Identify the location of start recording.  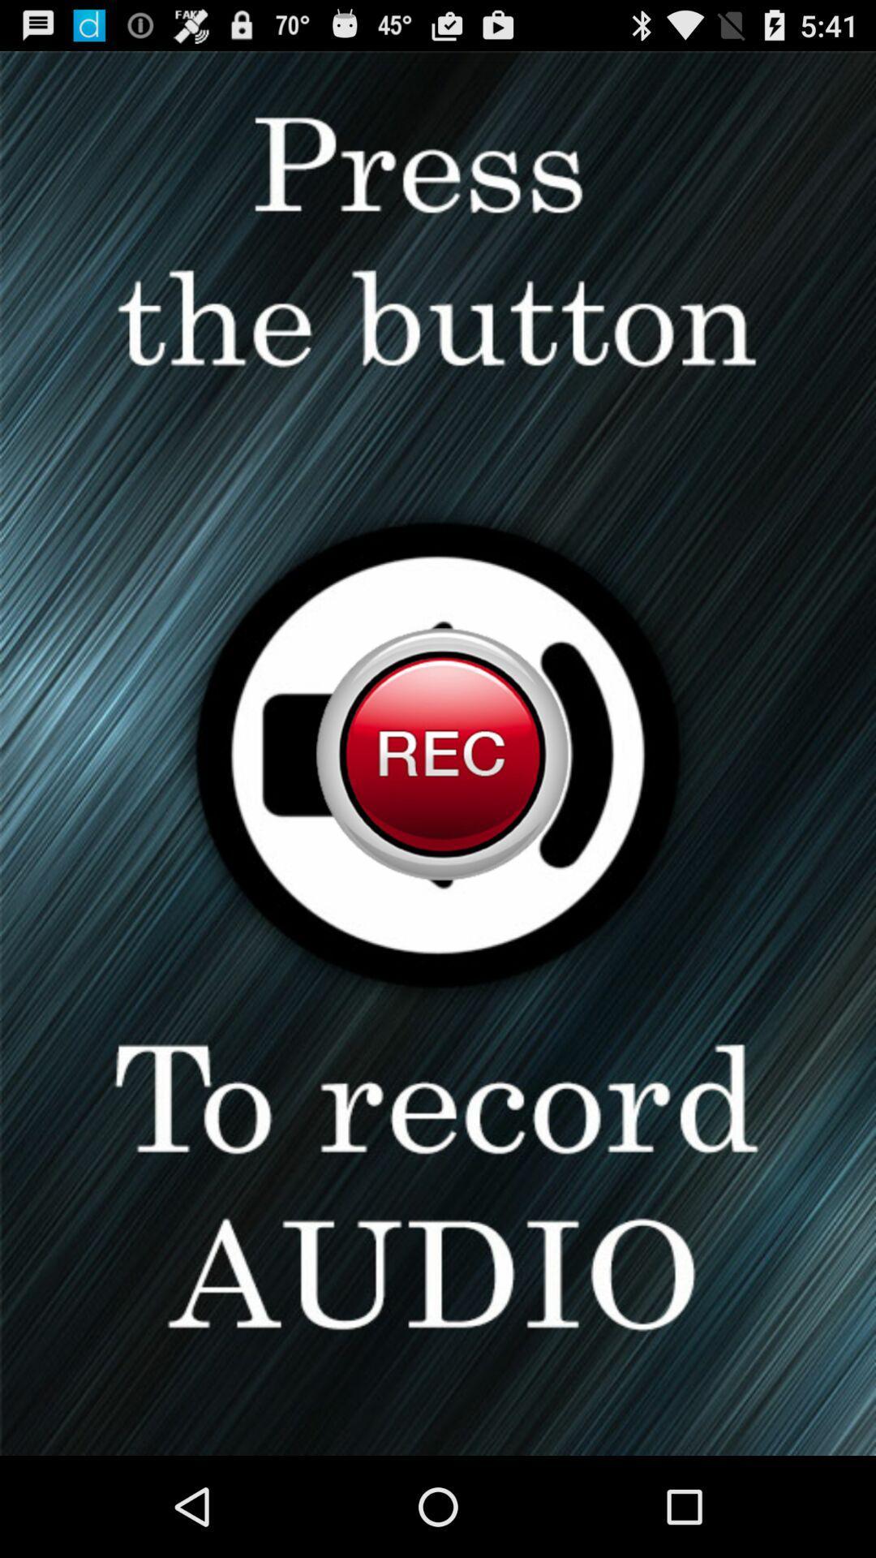
(438, 752).